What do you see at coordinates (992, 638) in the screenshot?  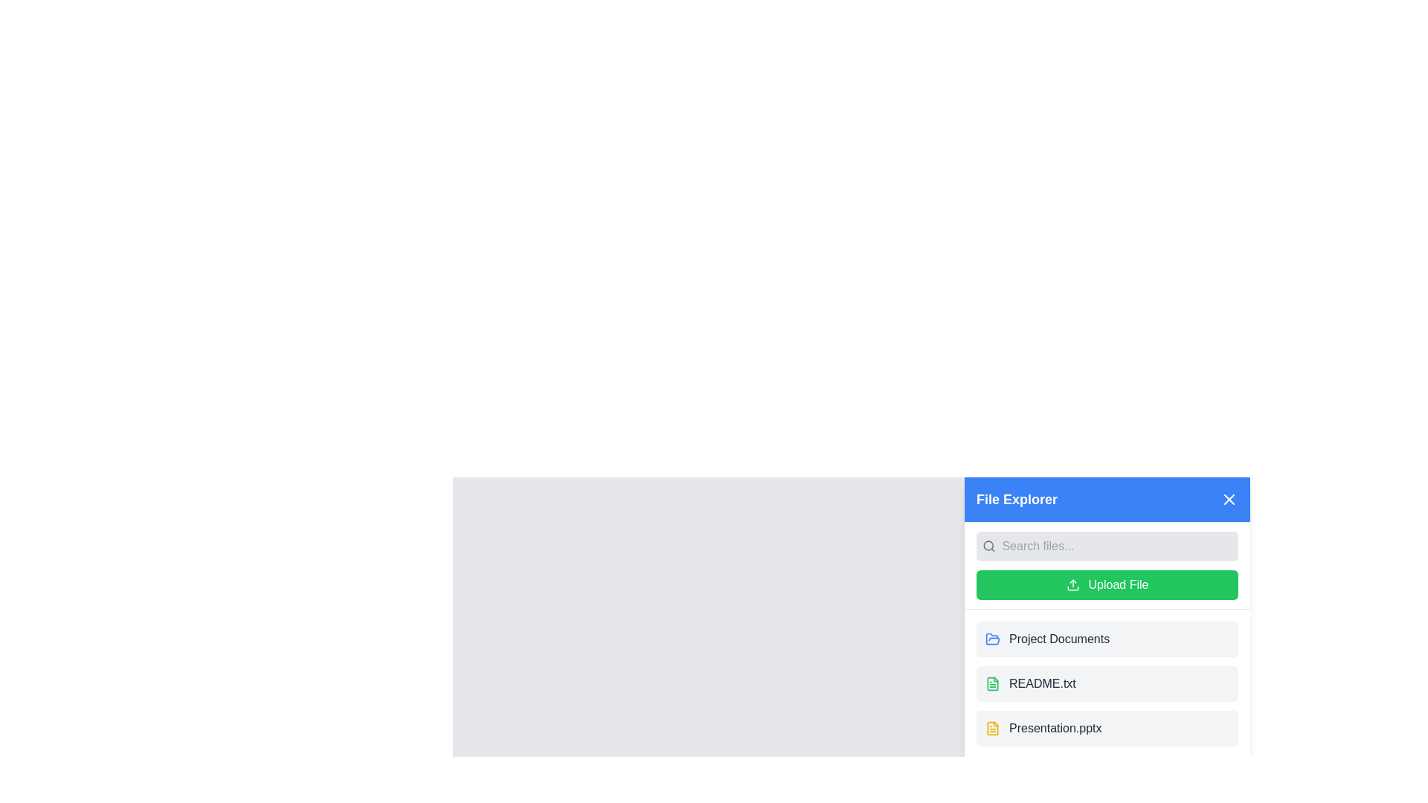 I see `the open folder icon, which is blue and located in the File Explorer interface as the leftmost icon in its row` at bounding box center [992, 638].